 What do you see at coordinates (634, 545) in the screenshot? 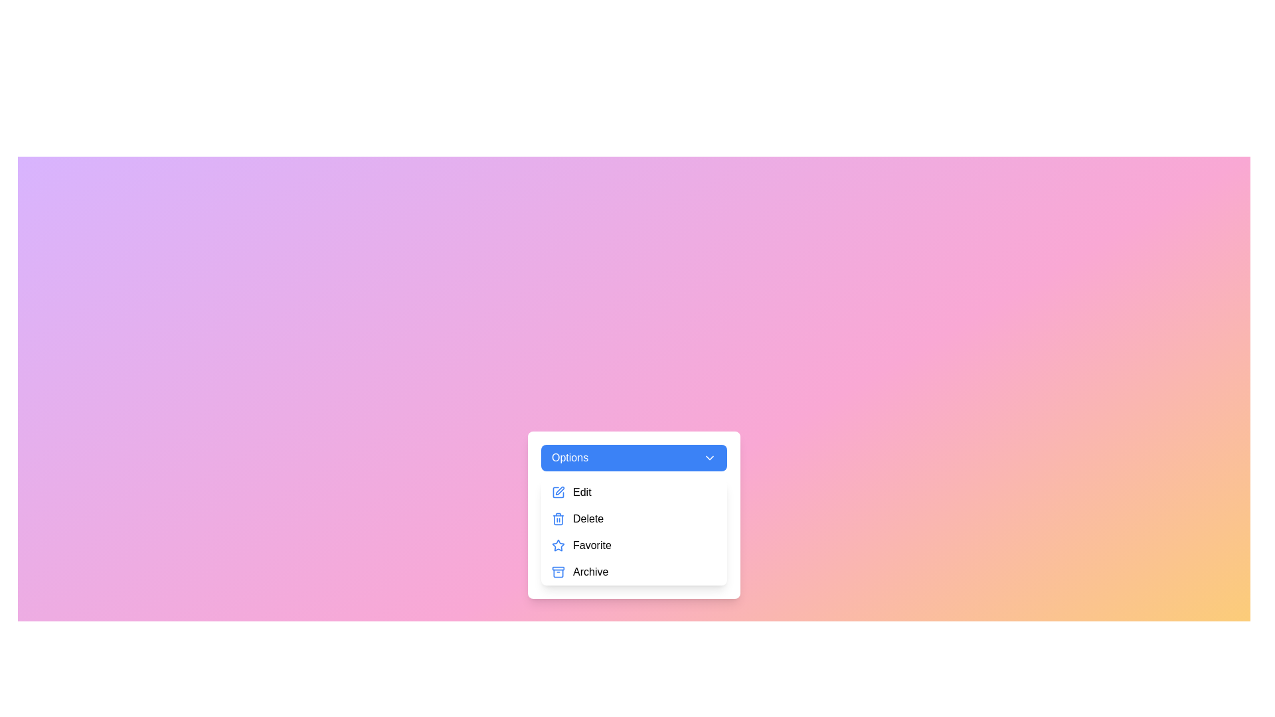
I see `the menu item Favorite` at bounding box center [634, 545].